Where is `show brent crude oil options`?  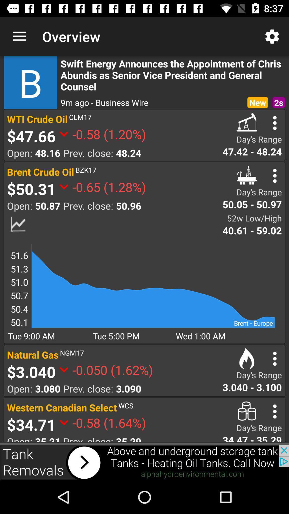
show brent crude oil options is located at coordinates (275, 176).